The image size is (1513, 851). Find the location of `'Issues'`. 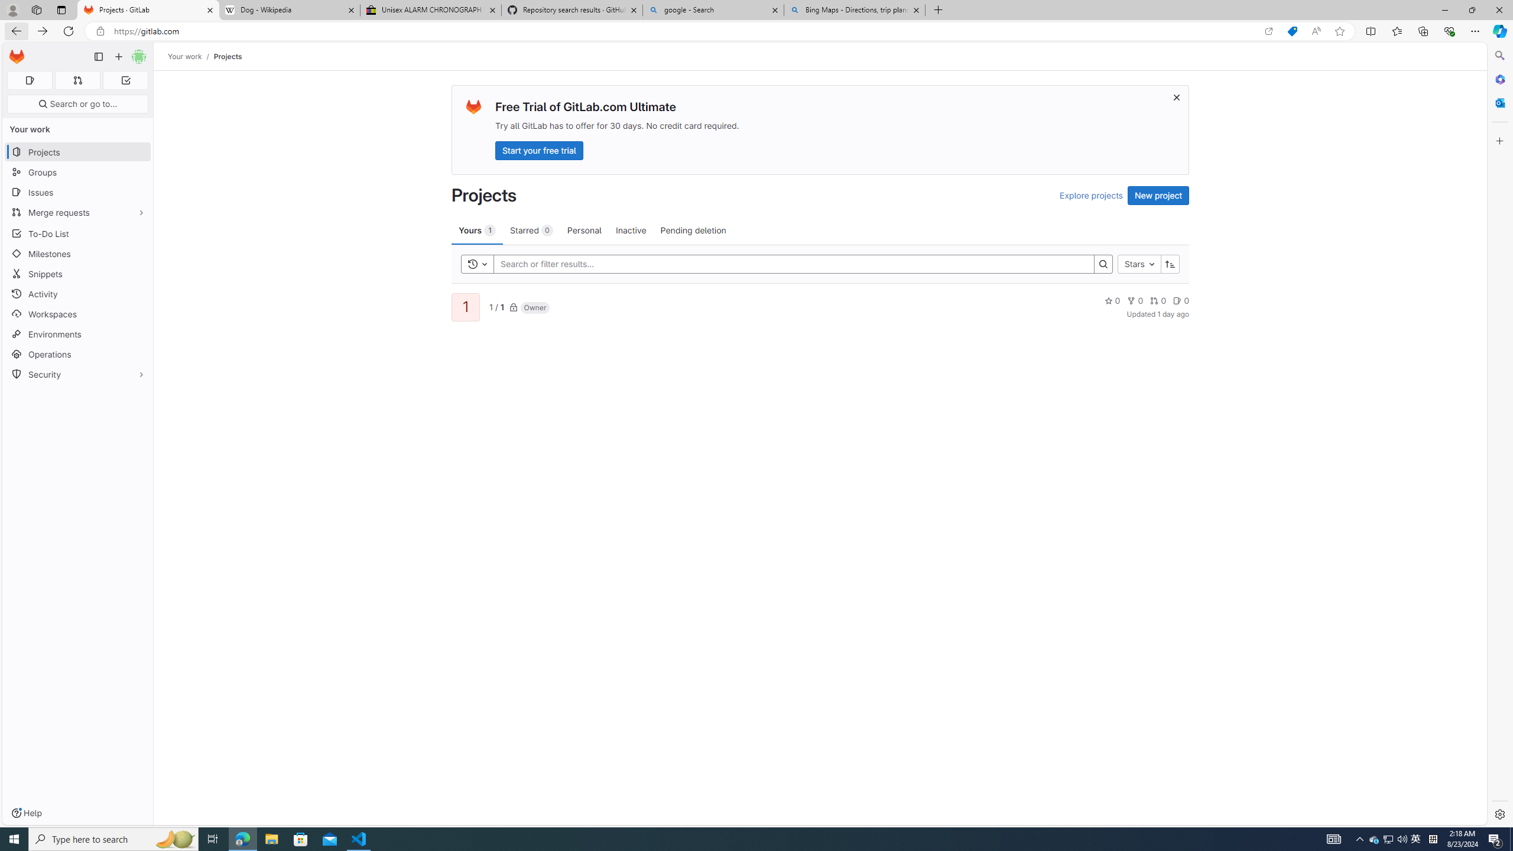

'Issues' is located at coordinates (77, 192).